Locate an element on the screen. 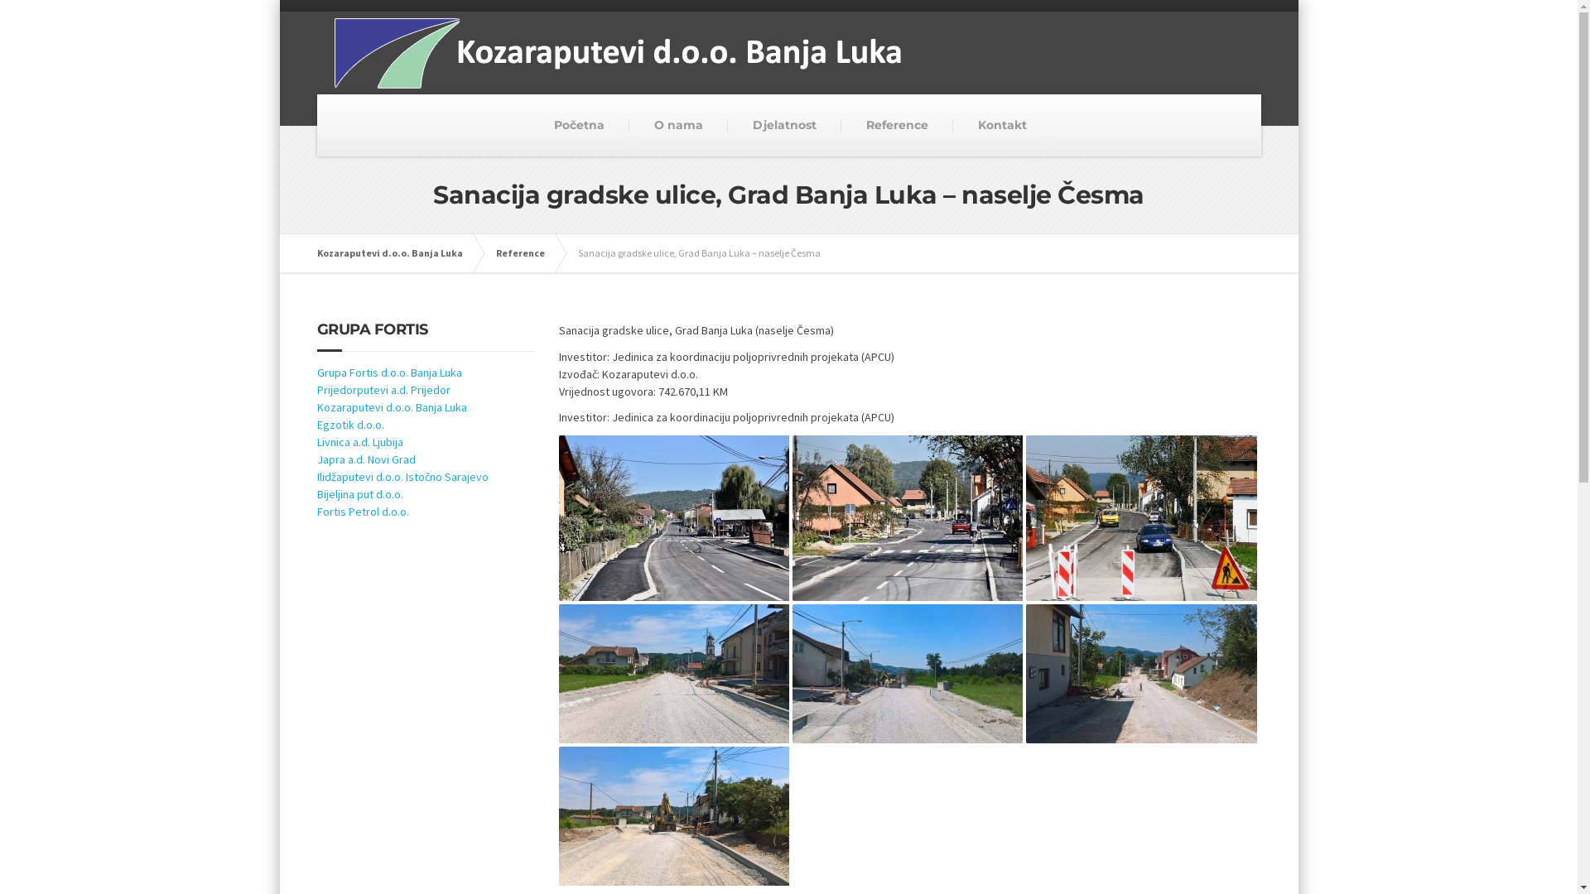 The height and width of the screenshot is (894, 1590). 'Djelatnost' is located at coordinates (783, 124).